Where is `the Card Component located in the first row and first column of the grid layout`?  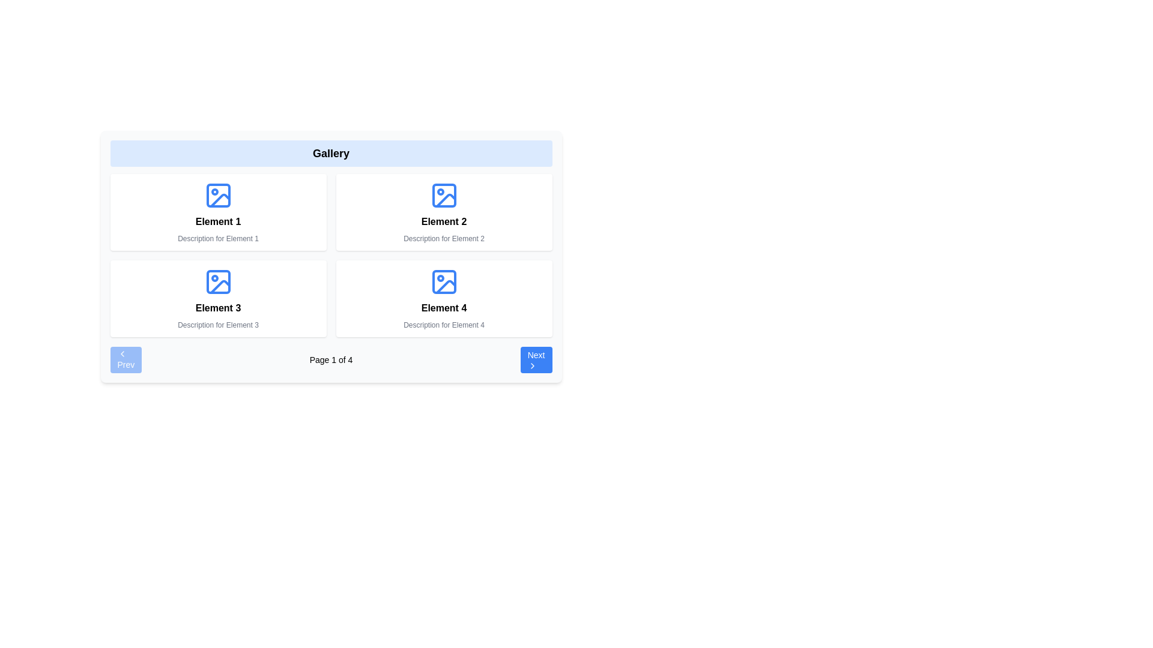 the Card Component located in the first row and first column of the grid layout is located at coordinates (218, 212).